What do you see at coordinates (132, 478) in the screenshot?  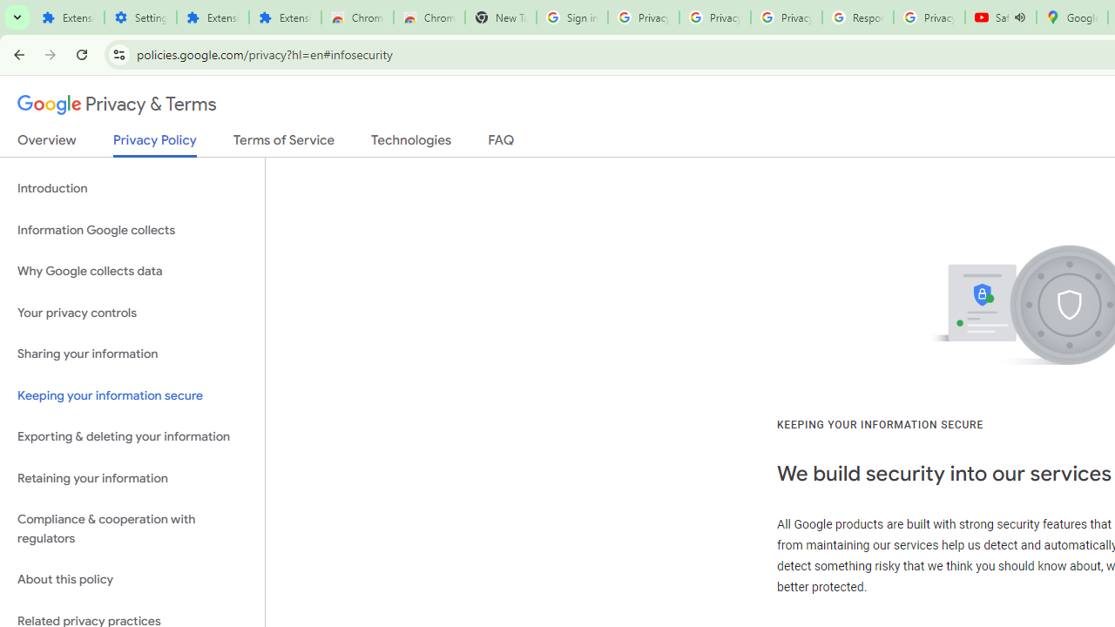 I see `'Retaining your information'` at bounding box center [132, 478].